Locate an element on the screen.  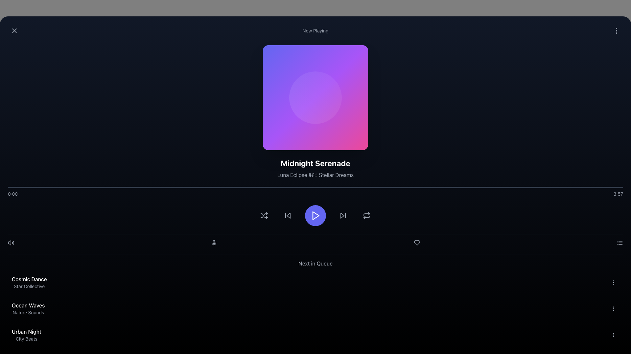
the skip-forward button located in the media player interface, positioned as the third button from the center to the right in the control bar is located at coordinates (342, 216).